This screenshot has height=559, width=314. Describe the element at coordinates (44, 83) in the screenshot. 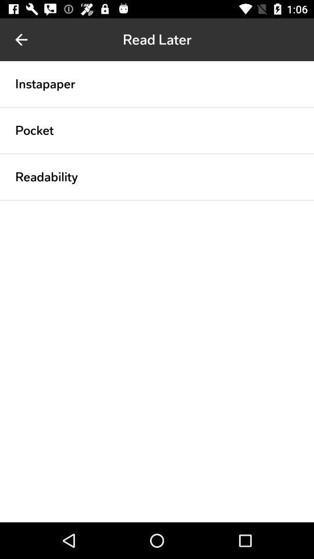

I see `the instapaper icon` at that location.